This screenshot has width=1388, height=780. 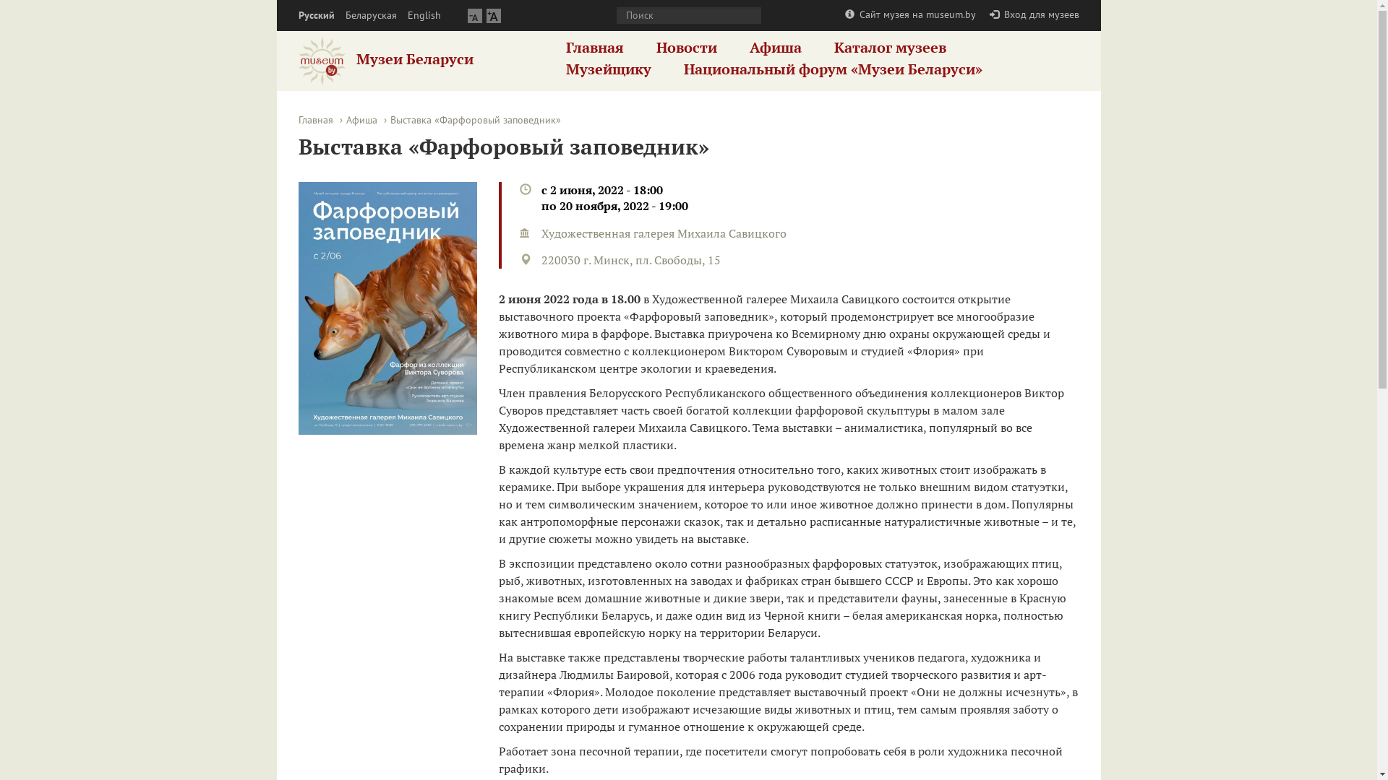 What do you see at coordinates (474, 15) in the screenshot?
I see `'A'` at bounding box center [474, 15].